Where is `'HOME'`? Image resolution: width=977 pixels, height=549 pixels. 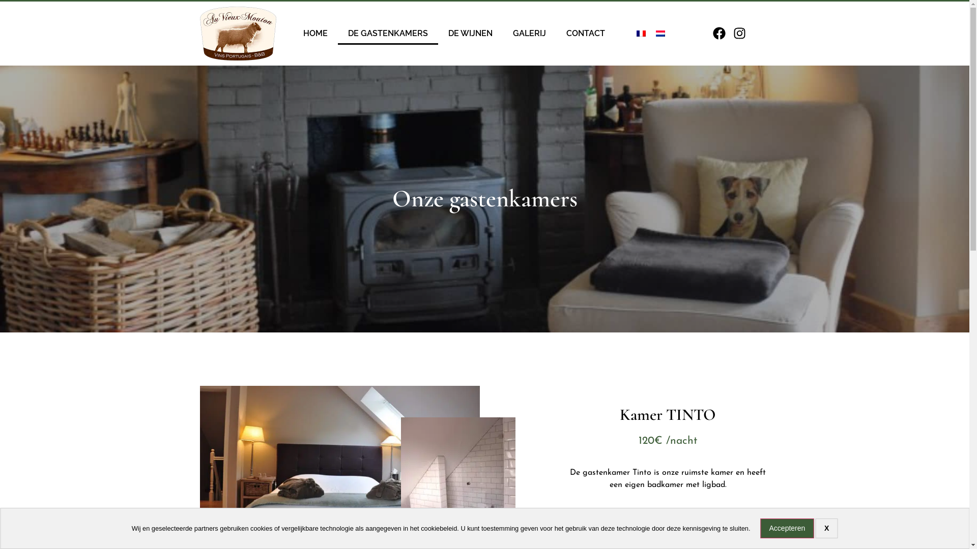
'HOME' is located at coordinates (314, 33).